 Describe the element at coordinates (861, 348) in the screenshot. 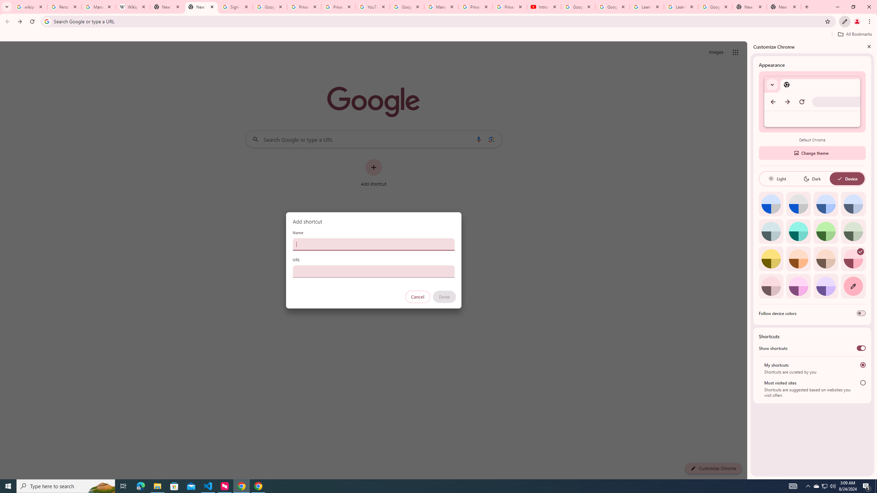

I see `'Show shortcuts'` at that location.